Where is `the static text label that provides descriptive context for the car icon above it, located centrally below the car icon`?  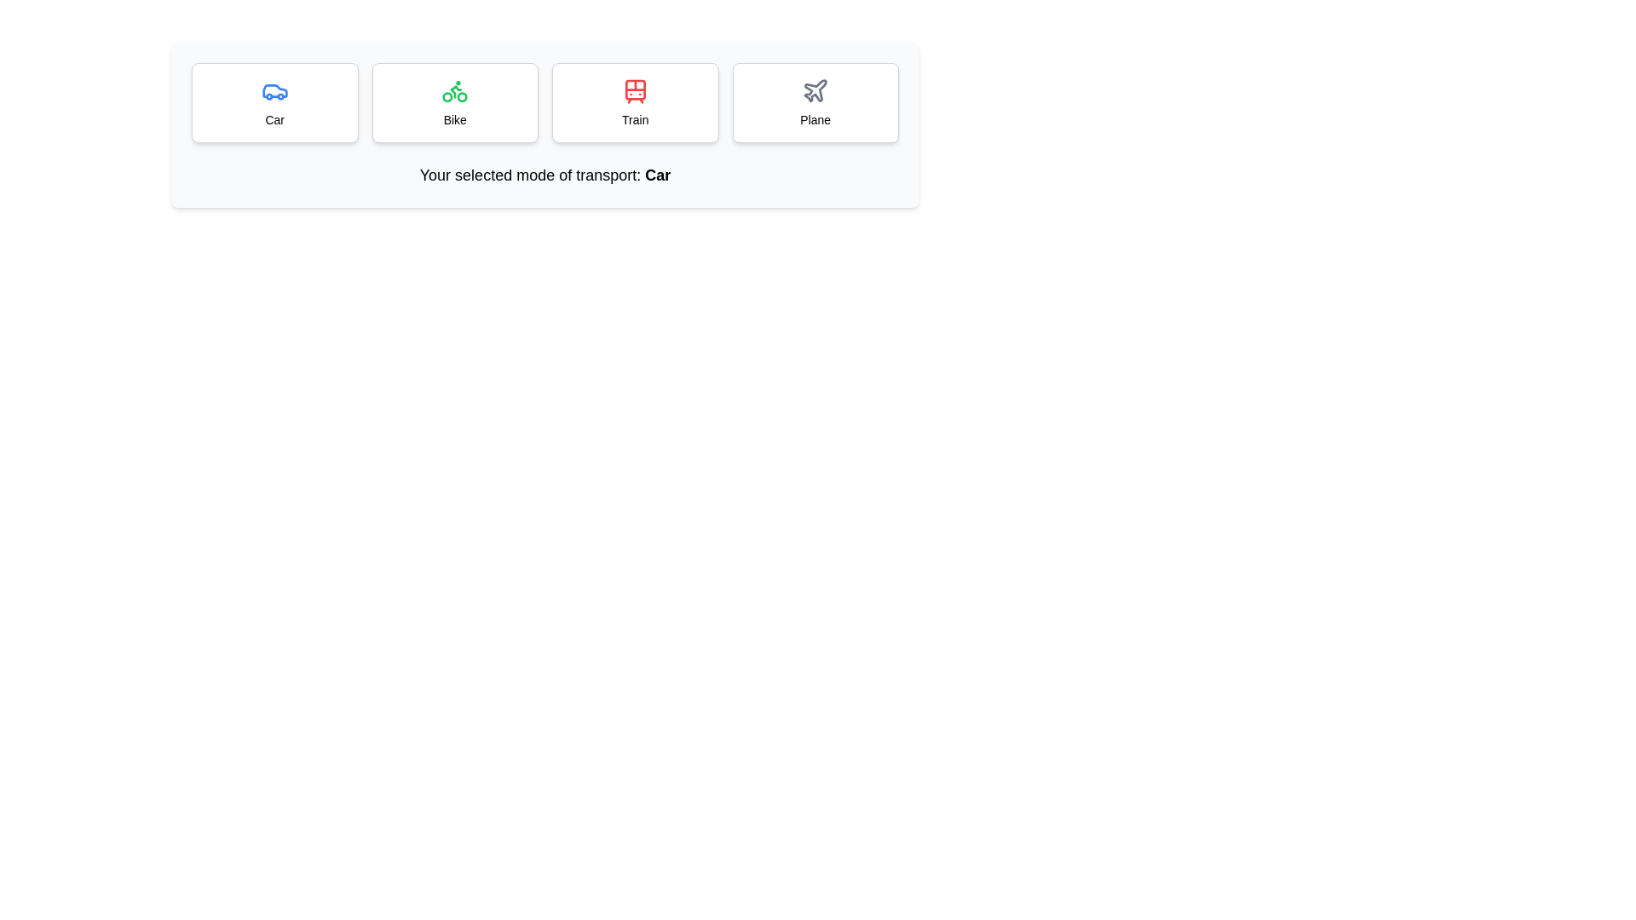 the static text label that provides descriptive context for the car icon above it, located centrally below the car icon is located at coordinates (274, 119).